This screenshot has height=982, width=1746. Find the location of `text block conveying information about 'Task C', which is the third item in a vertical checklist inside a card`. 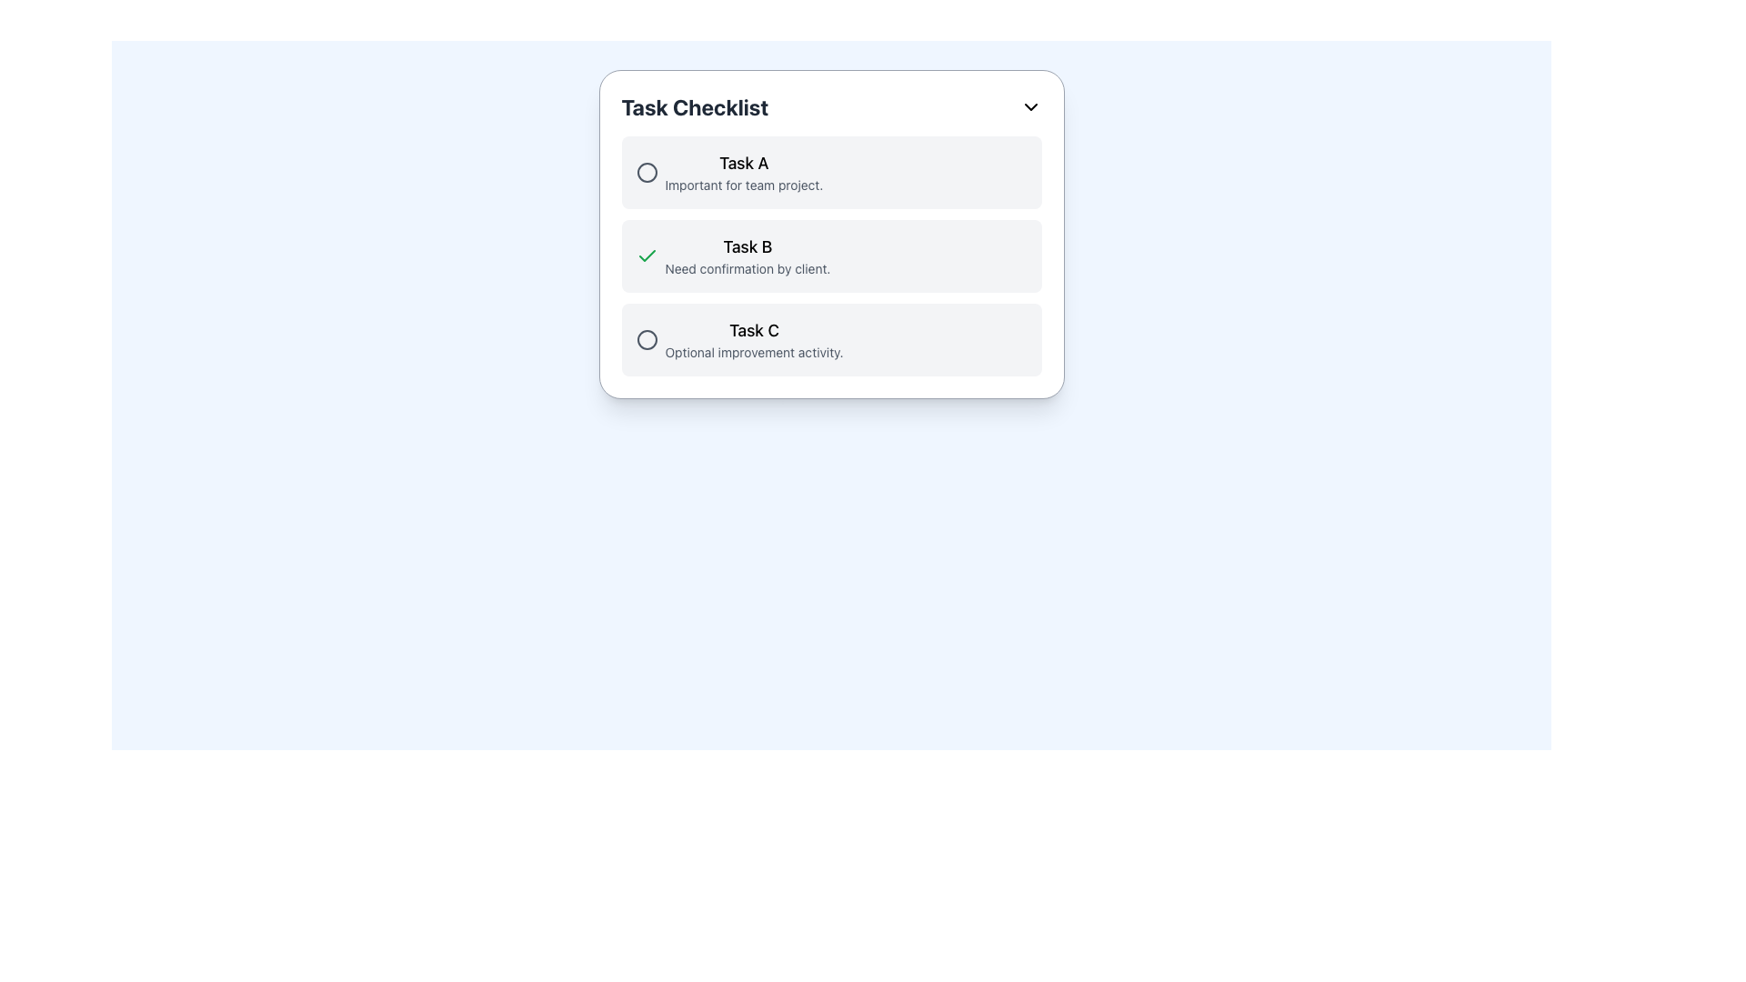

text block conveying information about 'Task C', which is the third item in a vertical checklist inside a card is located at coordinates (754, 340).